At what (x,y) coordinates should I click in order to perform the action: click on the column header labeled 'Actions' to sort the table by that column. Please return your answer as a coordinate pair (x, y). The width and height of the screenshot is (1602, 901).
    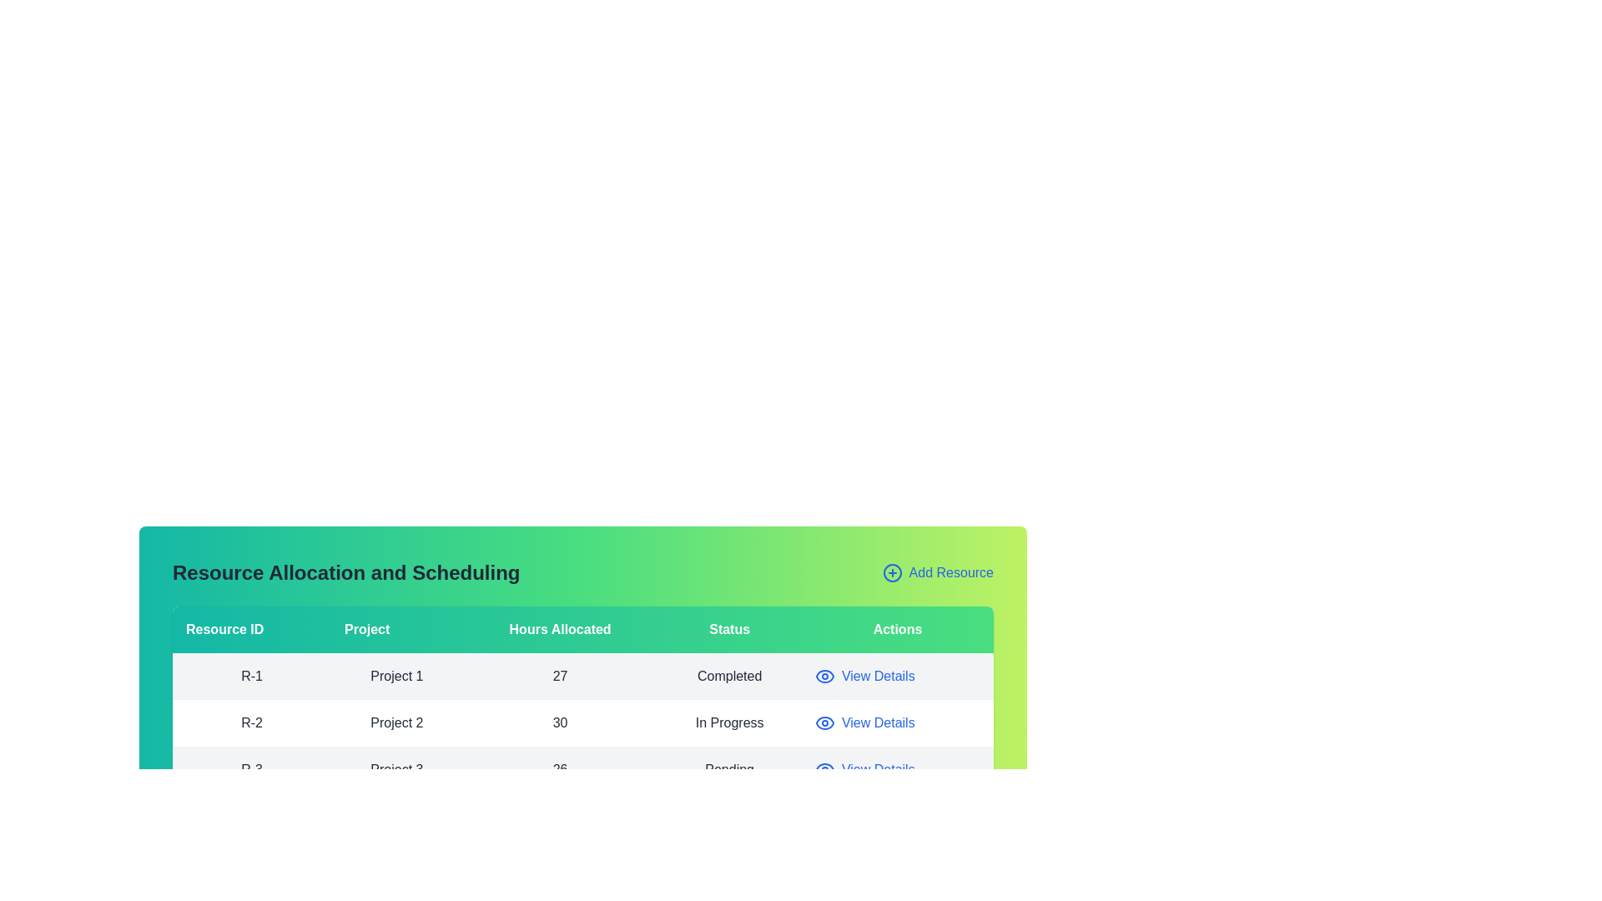
    Looking at the image, I should click on (896, 630).